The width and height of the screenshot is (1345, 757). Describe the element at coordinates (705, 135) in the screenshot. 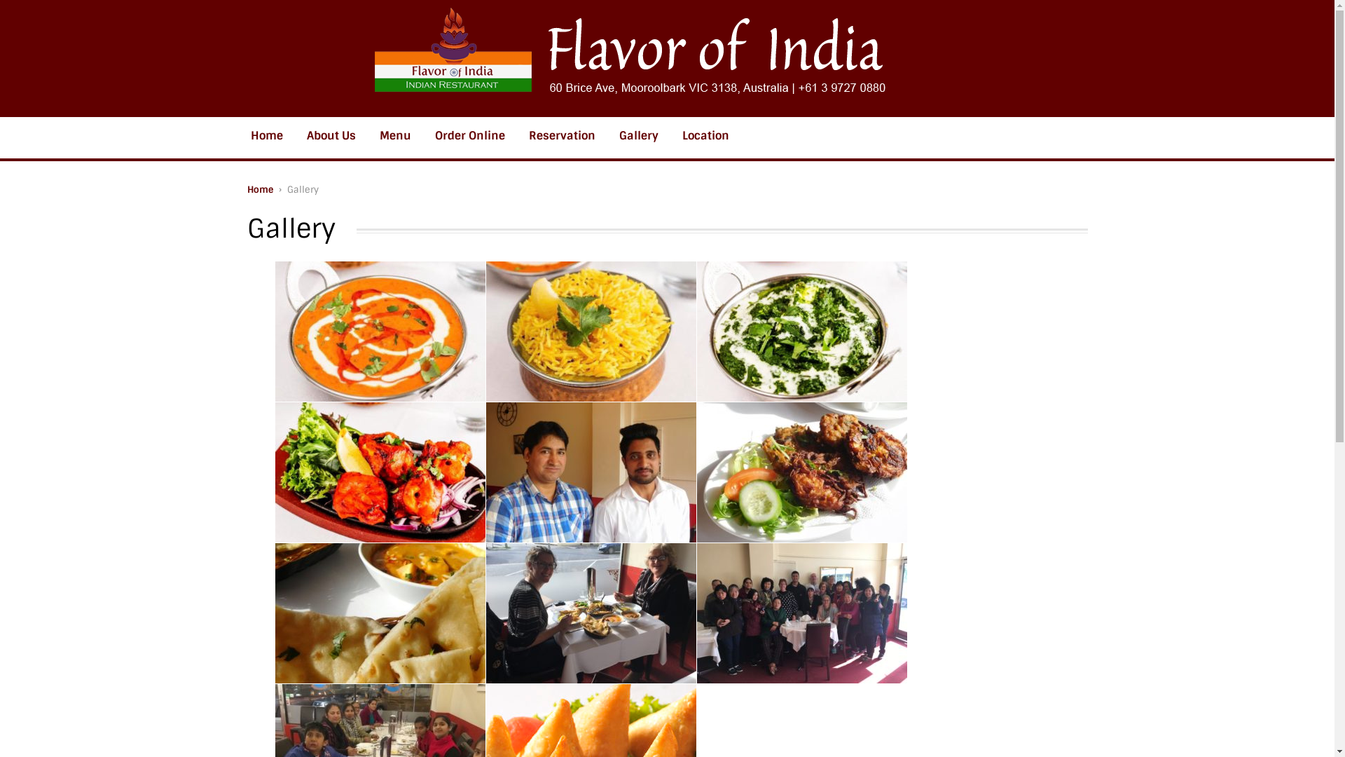

I see `'Location'` at that location.